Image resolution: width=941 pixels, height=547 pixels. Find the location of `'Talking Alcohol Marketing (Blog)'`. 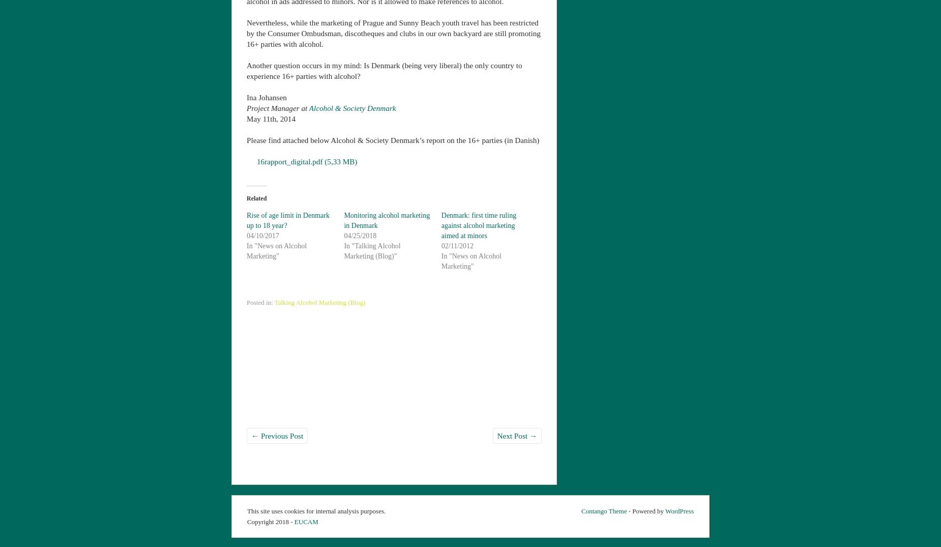

'Talking Alcohol Marketing (Blog)' is located at coordinates (319, 301).